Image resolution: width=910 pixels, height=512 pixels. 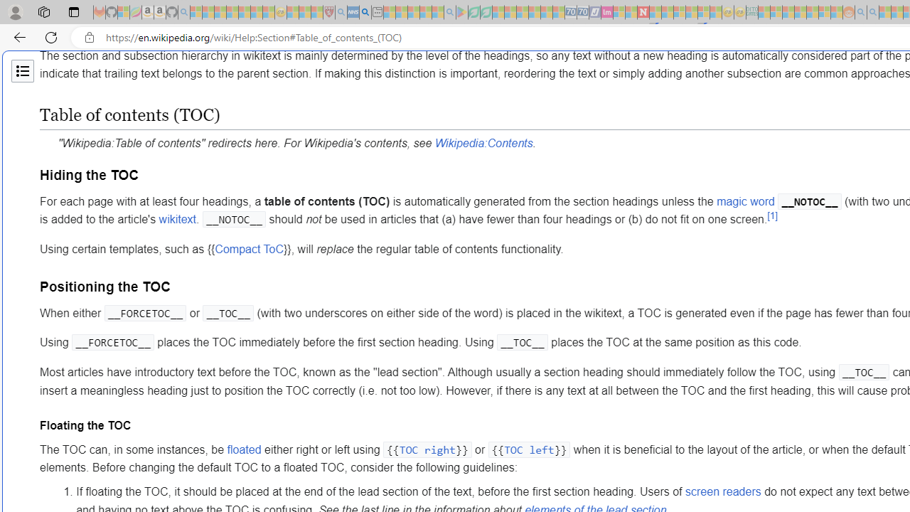 What do you see at coordinates (745, 201) in the screenshot?
I see `'magic word'` at bounding box center [745, 201].